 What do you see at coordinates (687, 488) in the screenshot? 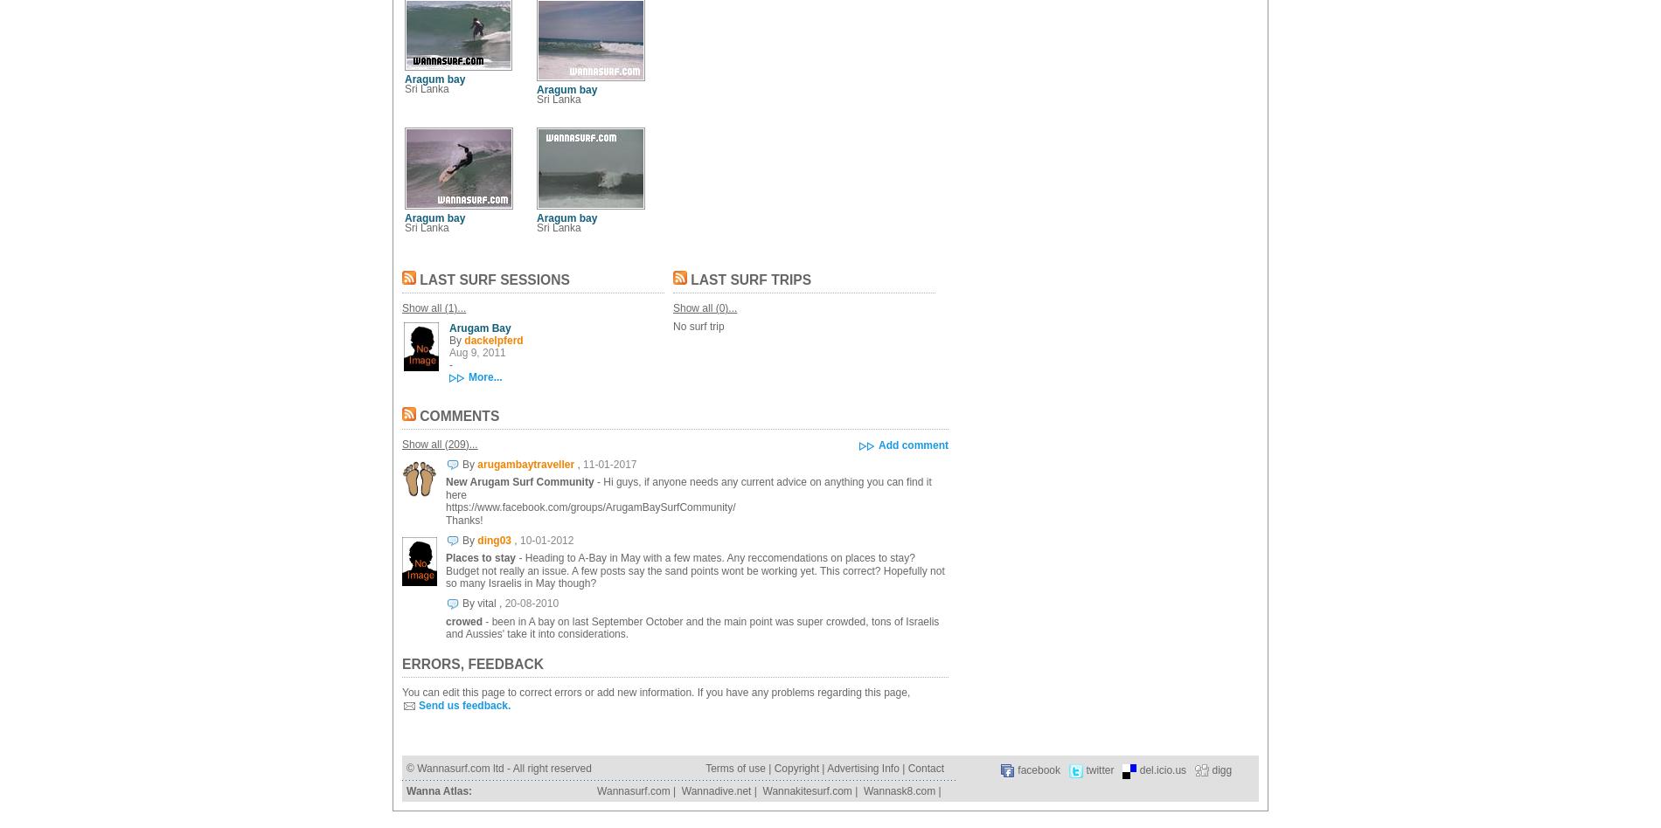
I see `'- Hi guys, if anyone needs any current advice on anything you can find it here'` at bounding box center [687, 488].